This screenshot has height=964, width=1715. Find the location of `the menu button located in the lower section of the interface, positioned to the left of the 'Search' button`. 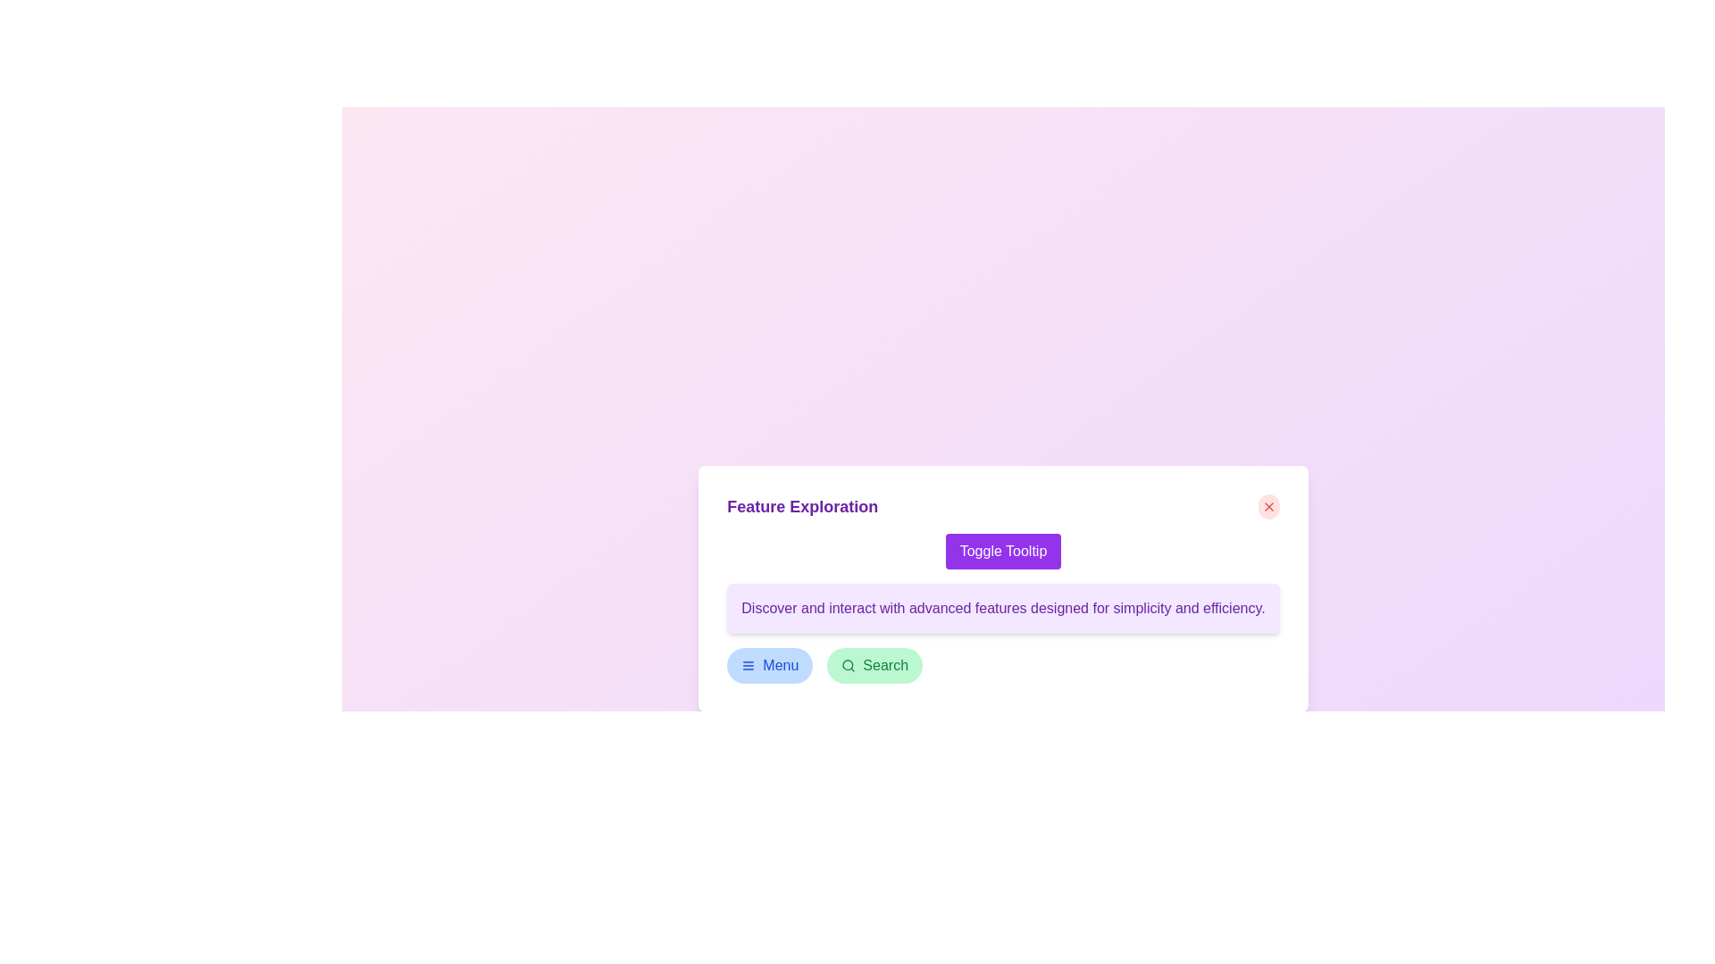

the menu button located in the lower section of the interface, positioned to the left of the 'Search' button is located at coordinates (770, 665).